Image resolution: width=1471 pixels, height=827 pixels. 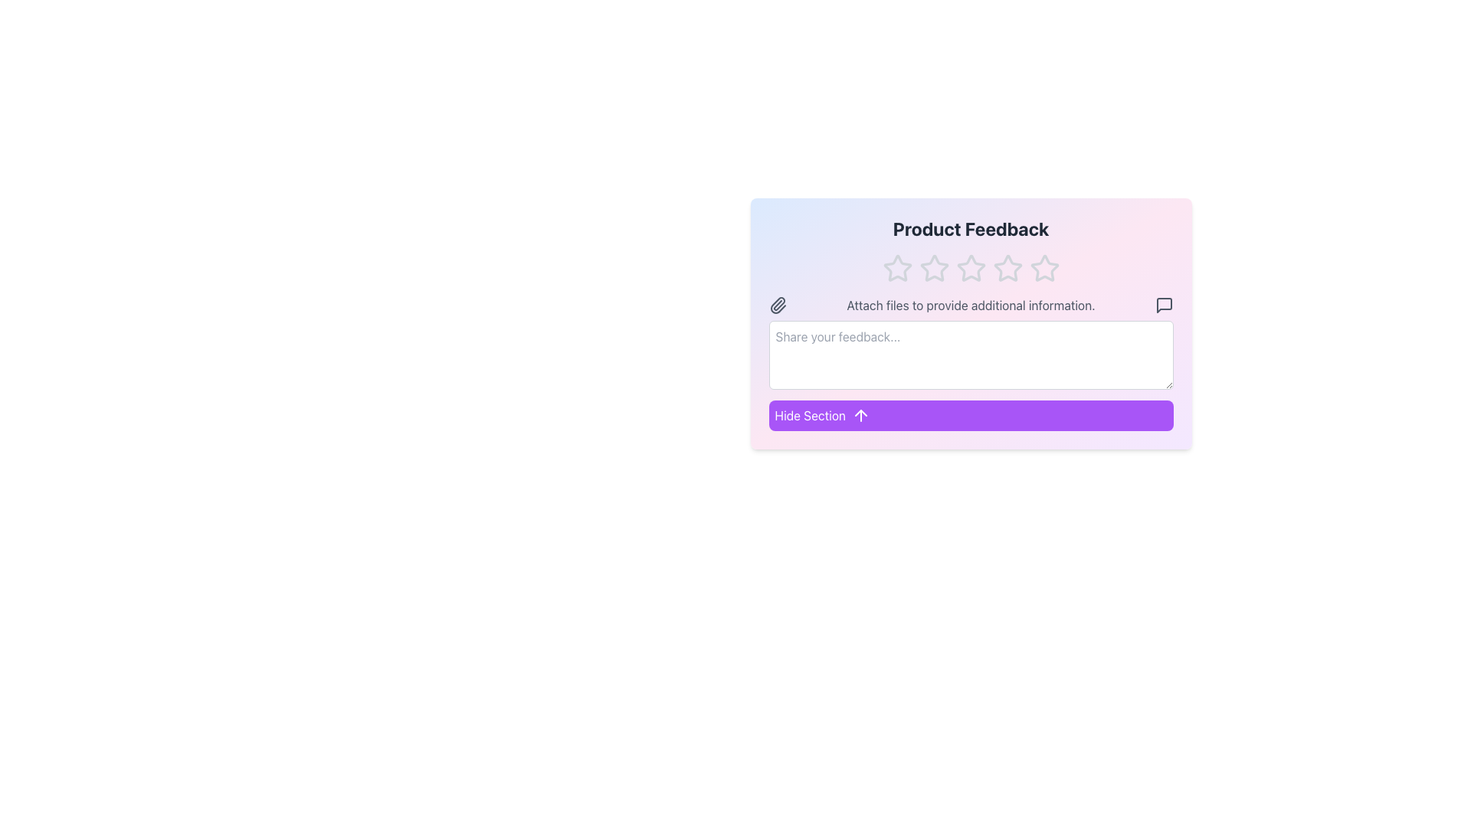 What do you see at coordinates (1164, 305) in the screenshot?
I see `the comment icon located in the top-right corner of the feedback form interface` at bounding box center [1164, 305].